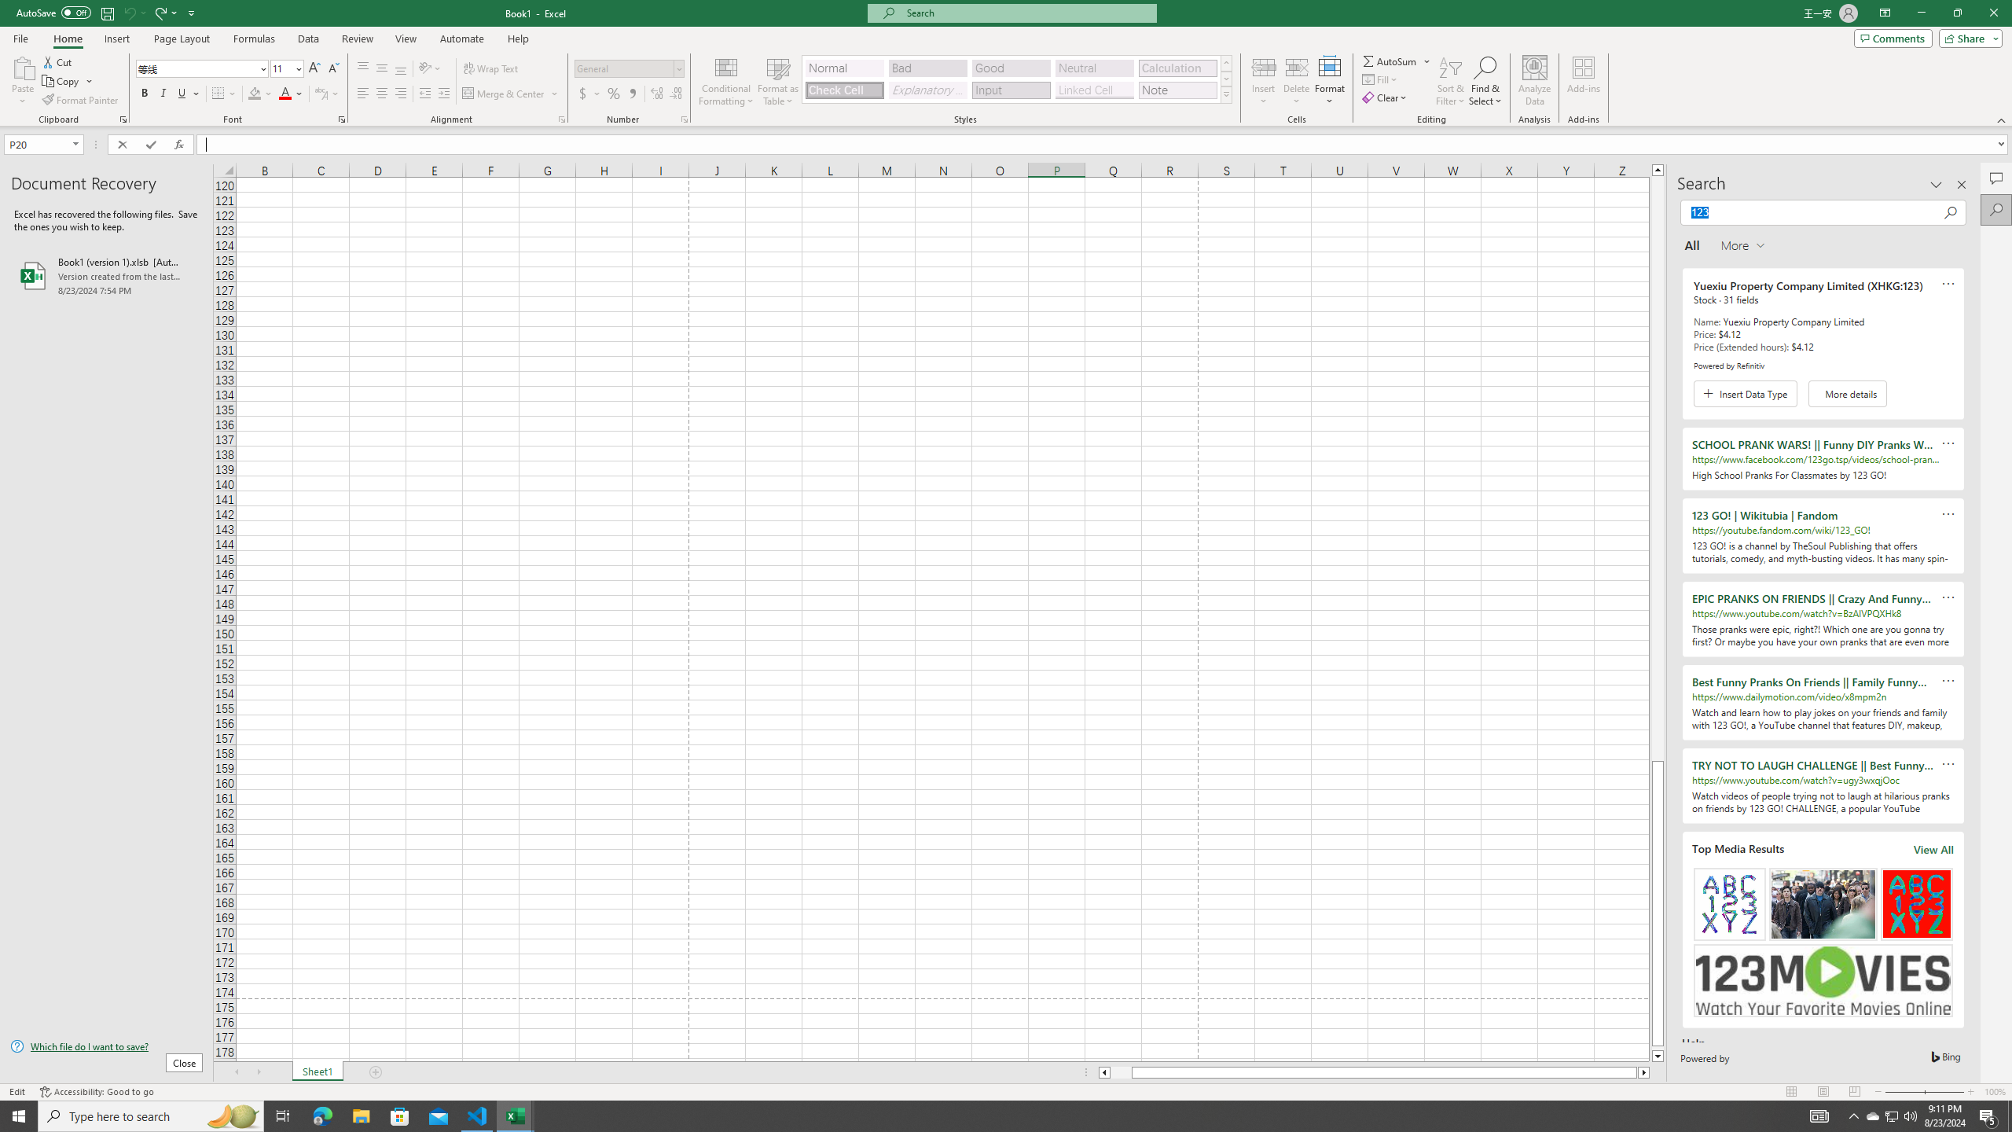 The height and width of the screenshot is (1132, 2012). What do you see at coordinates (1018, 79) in the screenshot?
I see `'AutomationID: CellStylesGallery'` at bounding box center [1018, 79].